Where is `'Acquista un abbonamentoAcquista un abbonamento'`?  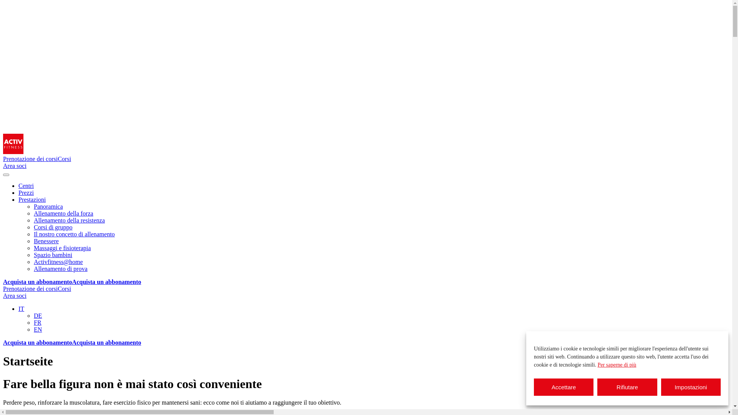 'Acquista un abbonamentoAcquista un abbonamento' is located at coordinates (72, 282).